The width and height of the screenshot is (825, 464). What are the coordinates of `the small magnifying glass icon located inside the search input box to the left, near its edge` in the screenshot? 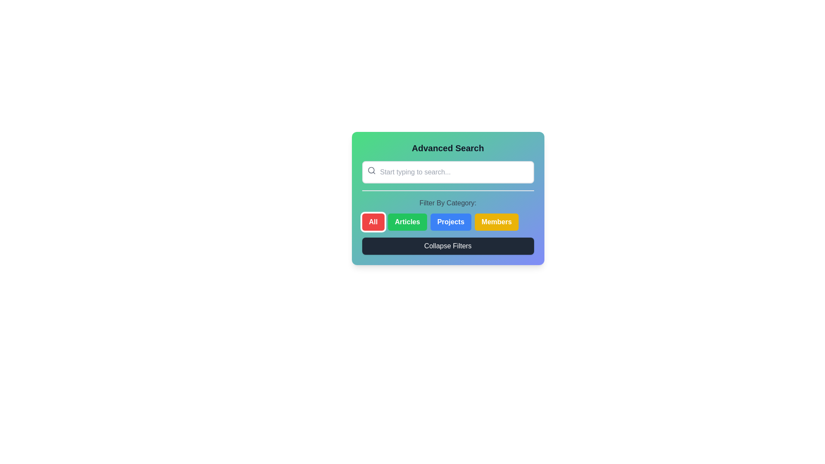 It's located at (371, 171).